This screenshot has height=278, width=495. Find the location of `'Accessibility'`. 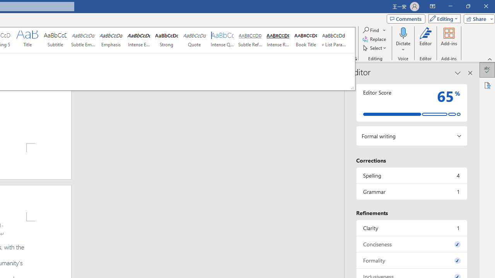

'Accessibility' is located at coordinates (487, 85).